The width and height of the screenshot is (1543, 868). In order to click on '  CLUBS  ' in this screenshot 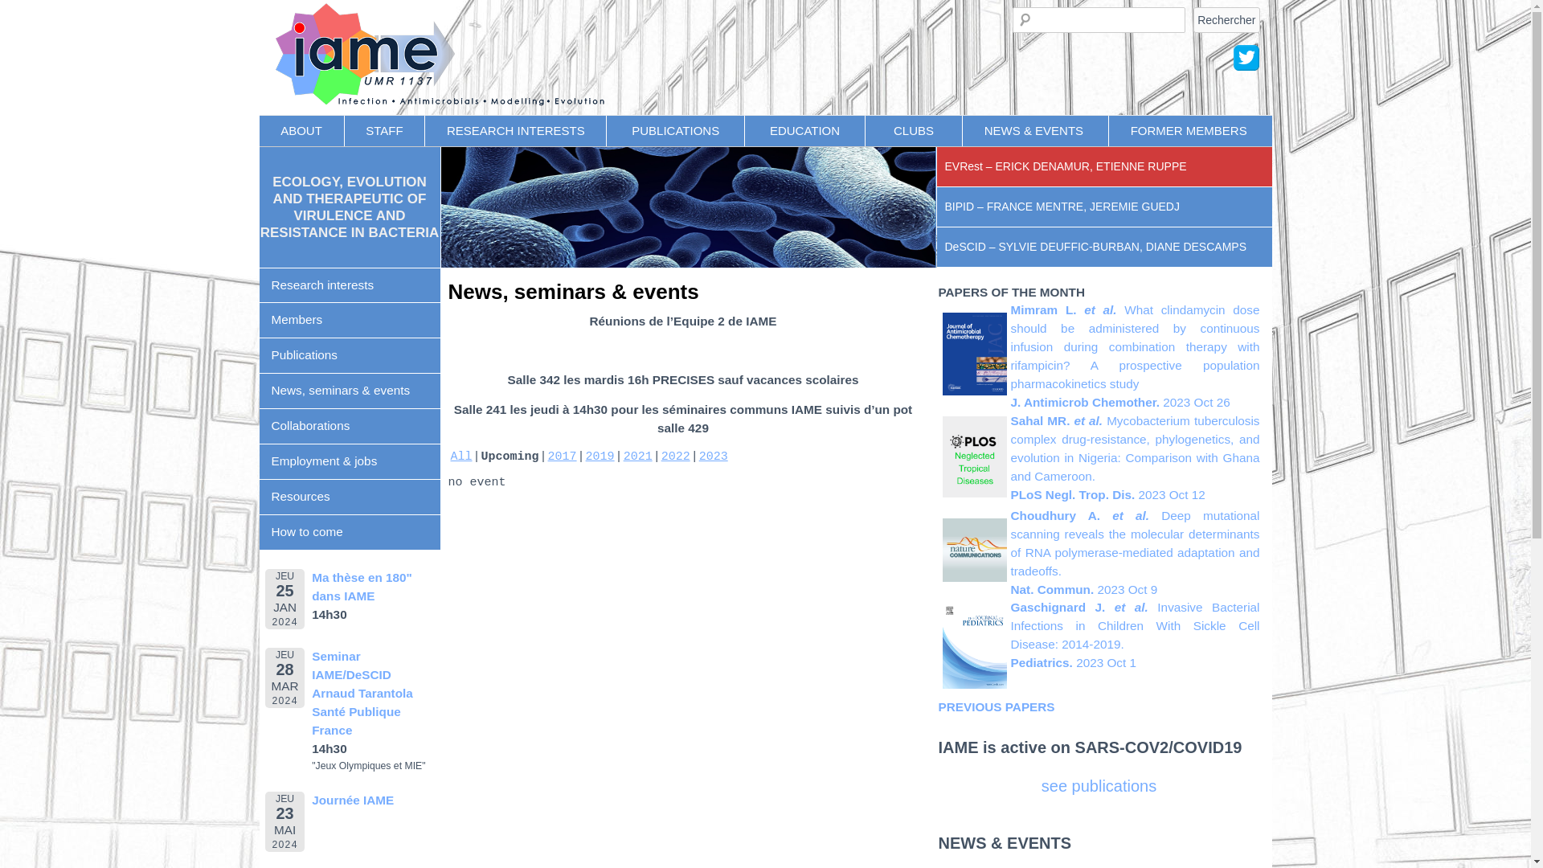, I will do `click(864, 129)`.